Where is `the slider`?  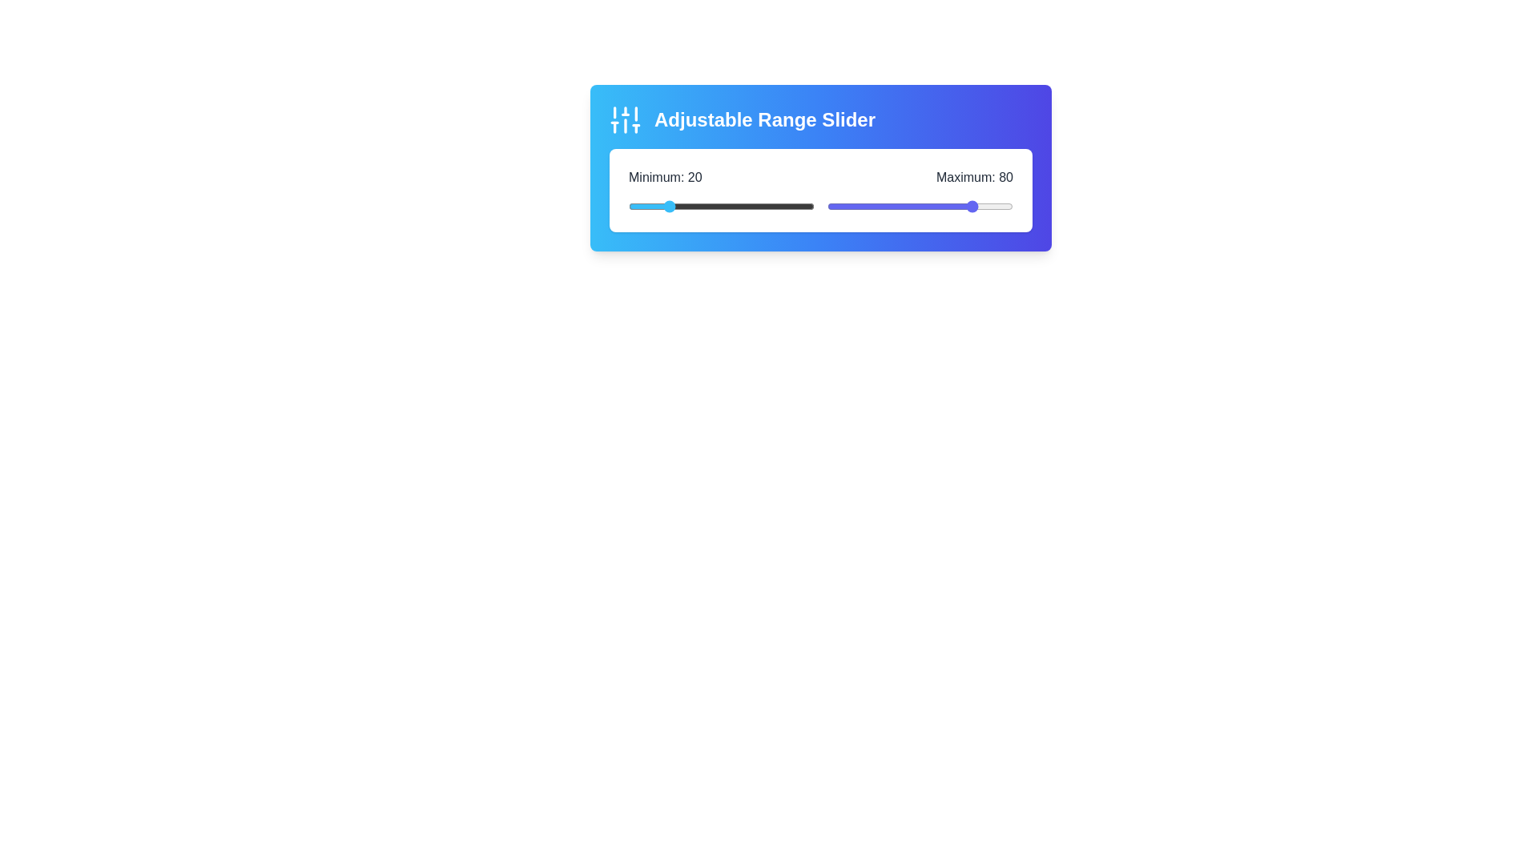
the slider is located at coordinates (848, 206).